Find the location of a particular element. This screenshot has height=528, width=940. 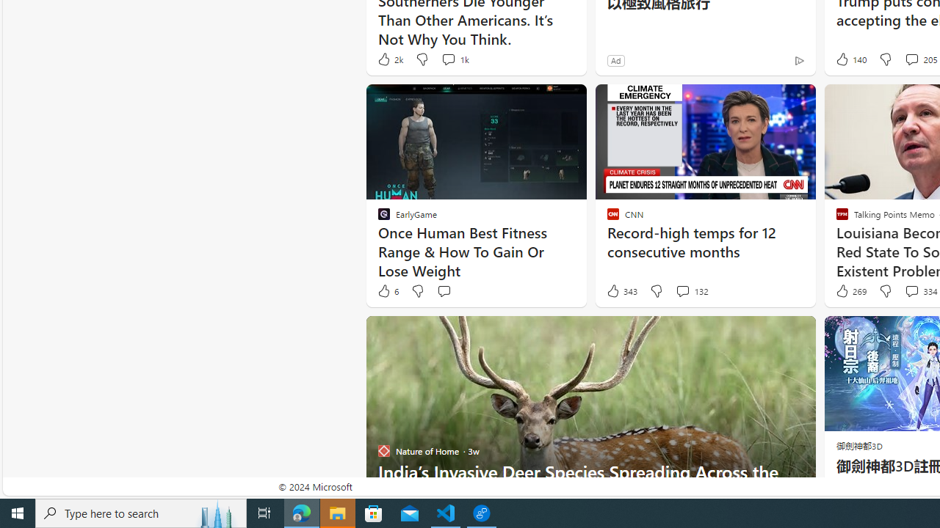

'View comments 132 Comment' is located at coordinates (681, 291).